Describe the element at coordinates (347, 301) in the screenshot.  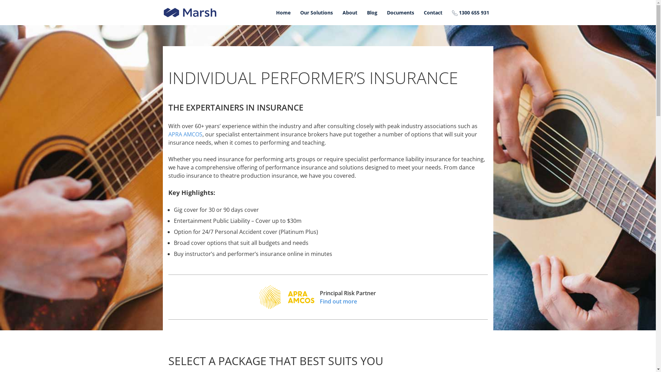
I see `'Find out more'` at that location.